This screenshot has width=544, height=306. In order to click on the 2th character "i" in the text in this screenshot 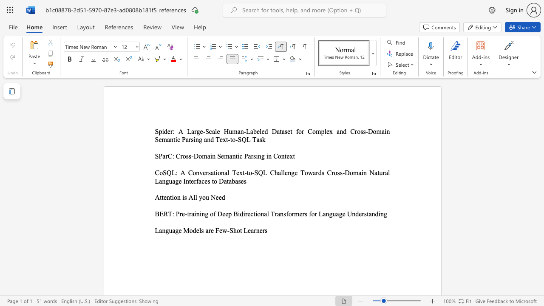, I will do `click(200, 213)`.